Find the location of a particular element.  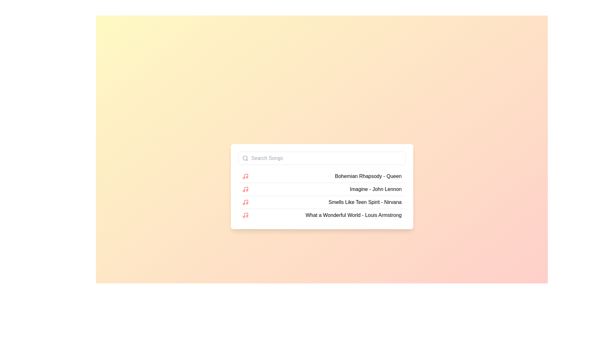

the text label displaying 'Bohemian Rhapsody - Queen', which is located in the second row of a list of song entries, to the right of a red music note icon is located at coordinates (368, 176).